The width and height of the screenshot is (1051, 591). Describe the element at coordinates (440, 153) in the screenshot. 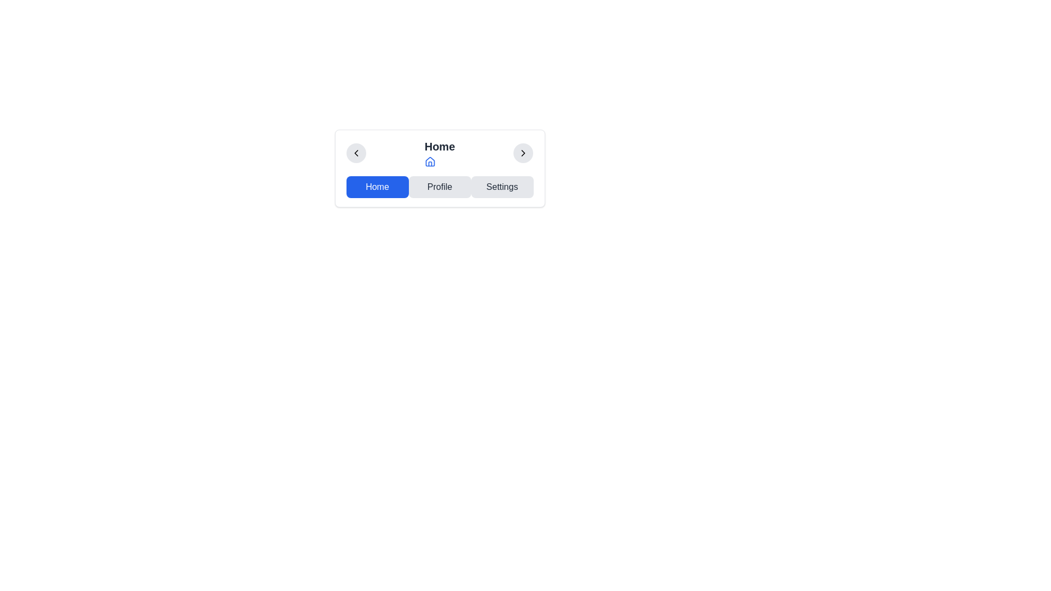

I see `the 'Home' label with the house icon, which is centrally aligned in the navigation bar` at that location.